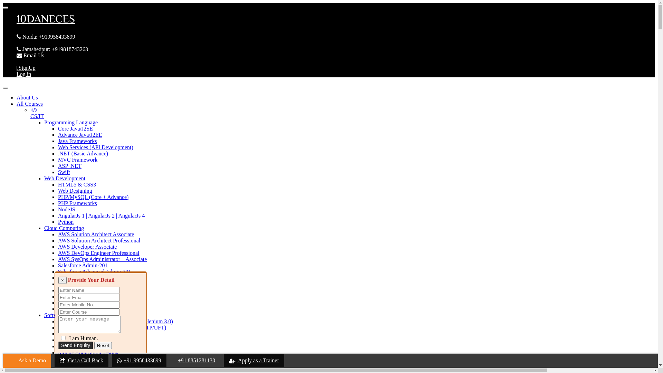  Describe the element at coordinates (80, 135) in the screenshot. I see `'Advance Java/J2EE'` at that location.